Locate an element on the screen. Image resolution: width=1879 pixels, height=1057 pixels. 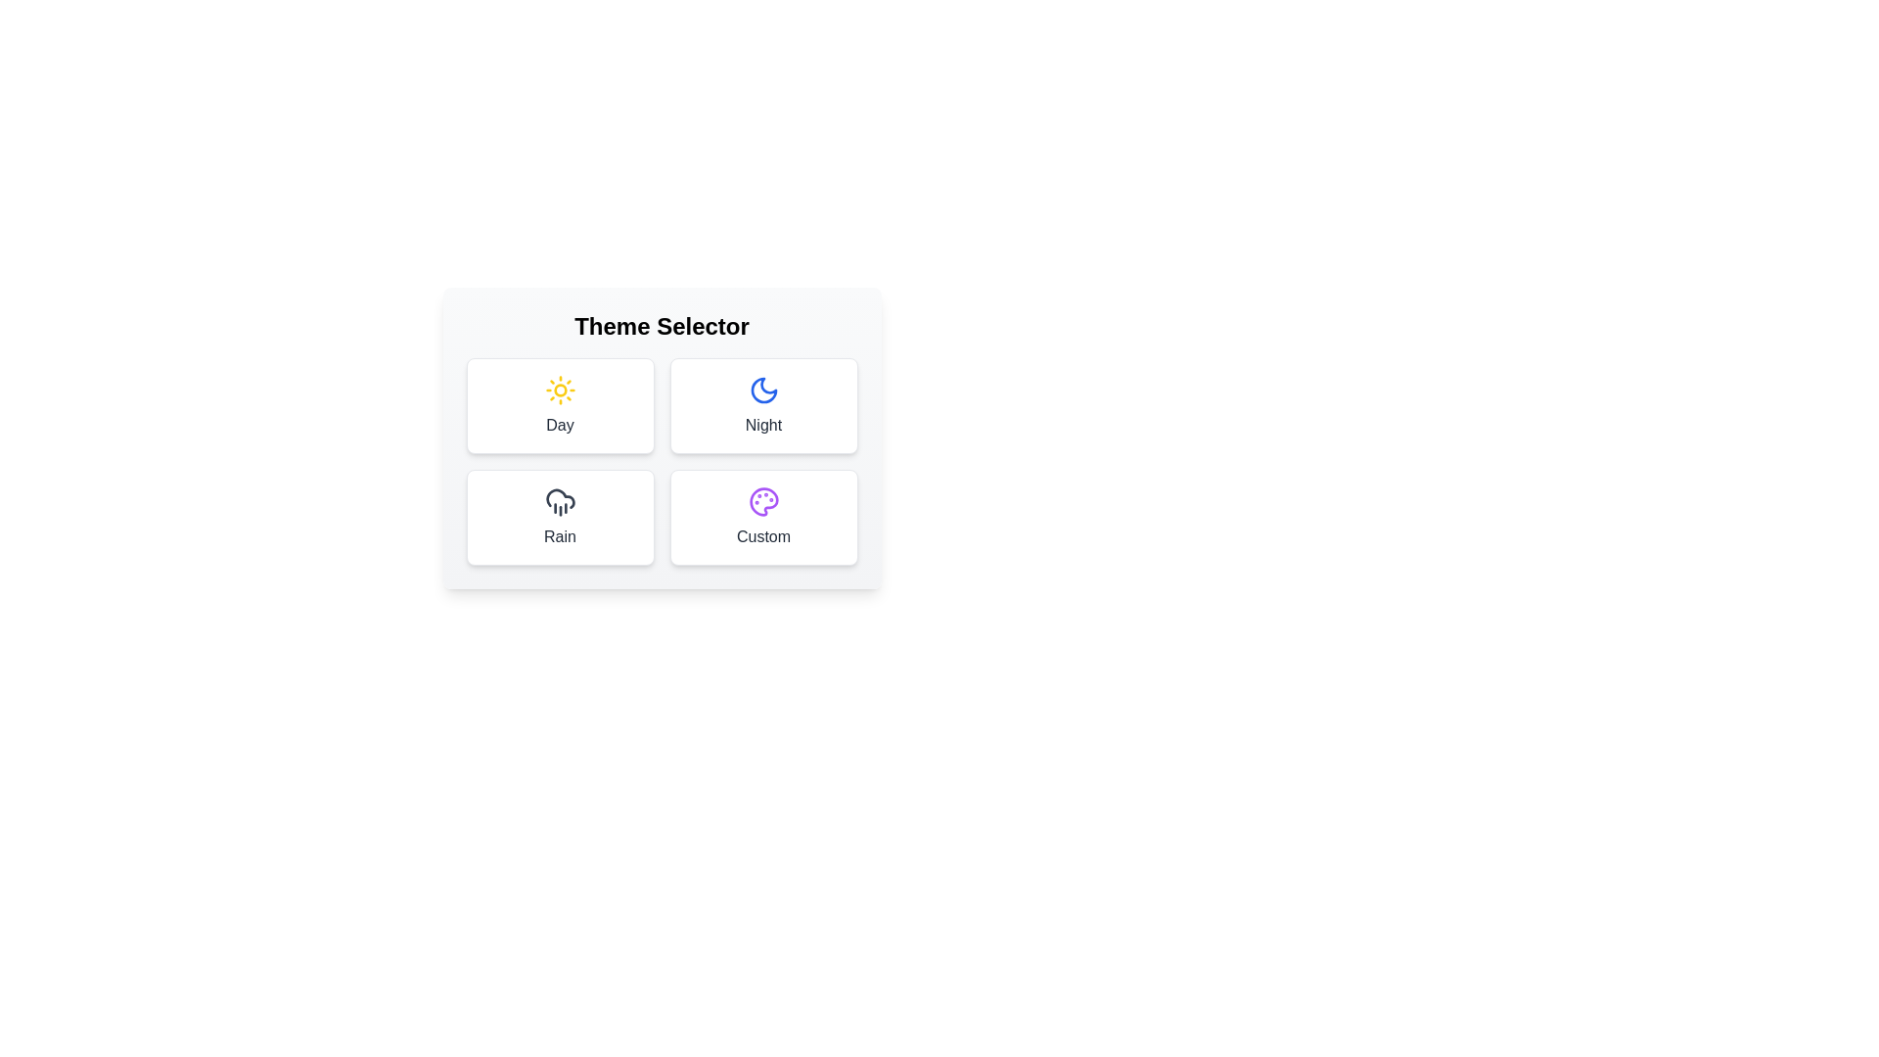
the theme icon for Day is located at coordinates (559, 405).